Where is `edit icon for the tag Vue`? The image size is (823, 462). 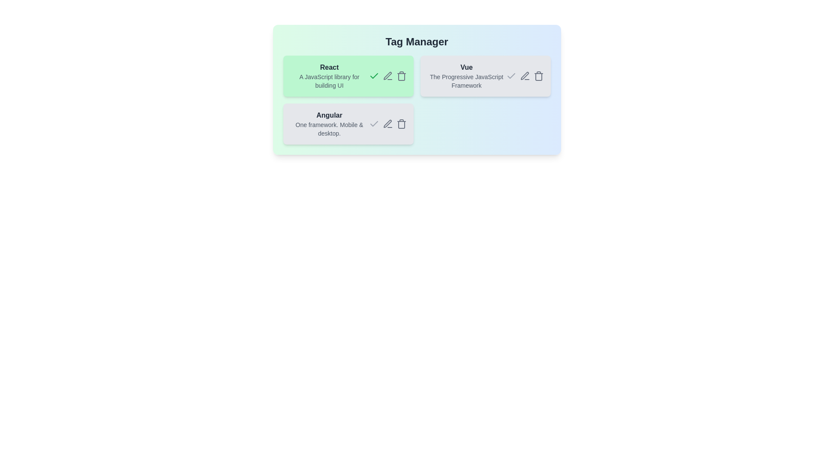
edit icon for the tag Vue is located at coordinates (524, 75).